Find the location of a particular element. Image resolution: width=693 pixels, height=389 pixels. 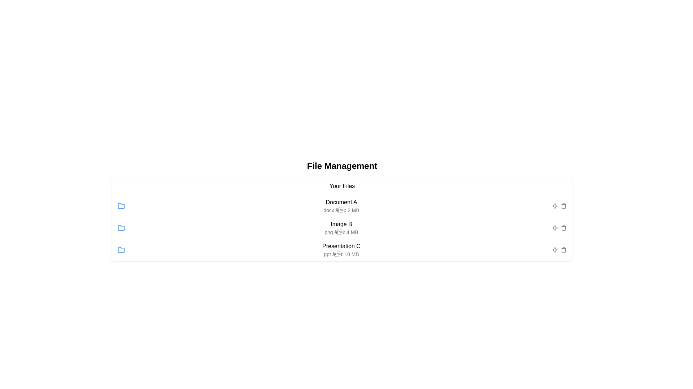

the list item entry for 'Document A' is located at coordinates (342, 206).